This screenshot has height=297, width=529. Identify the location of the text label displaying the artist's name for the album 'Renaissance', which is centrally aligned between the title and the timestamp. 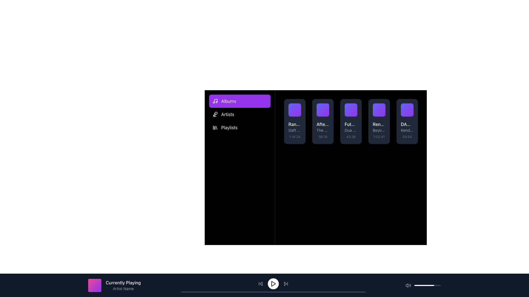
(379, 130).